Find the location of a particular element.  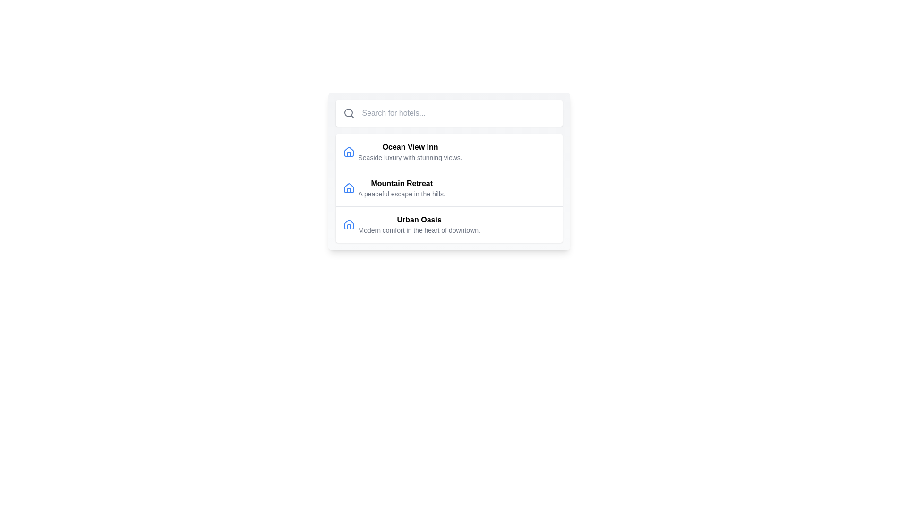

the rim of the lens of the magnifying glass icon, which is part of the search functionality, located to the left of the 'Search for hotels...' text input field is located at coordinates (348, 112).